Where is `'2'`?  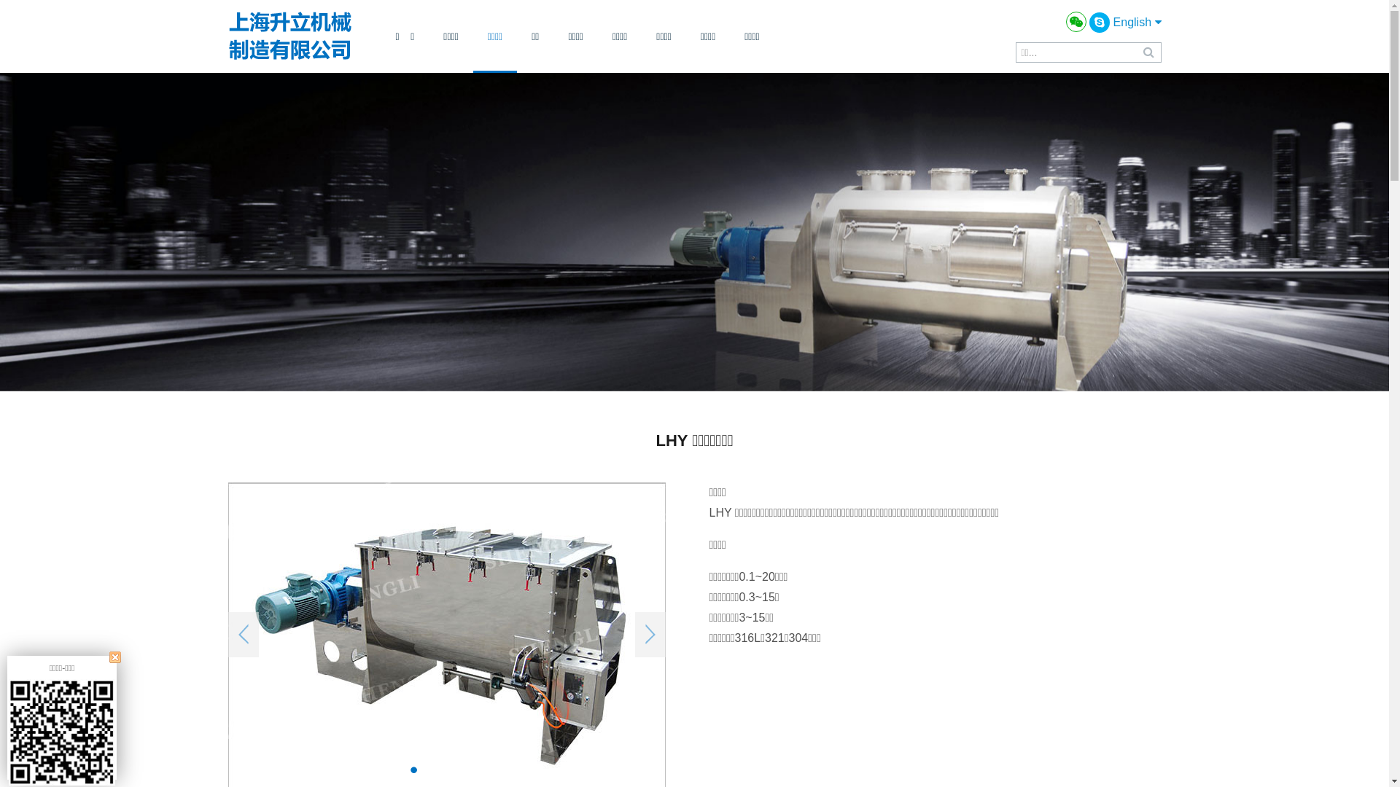
'2' is located at coordinates (435, 769).